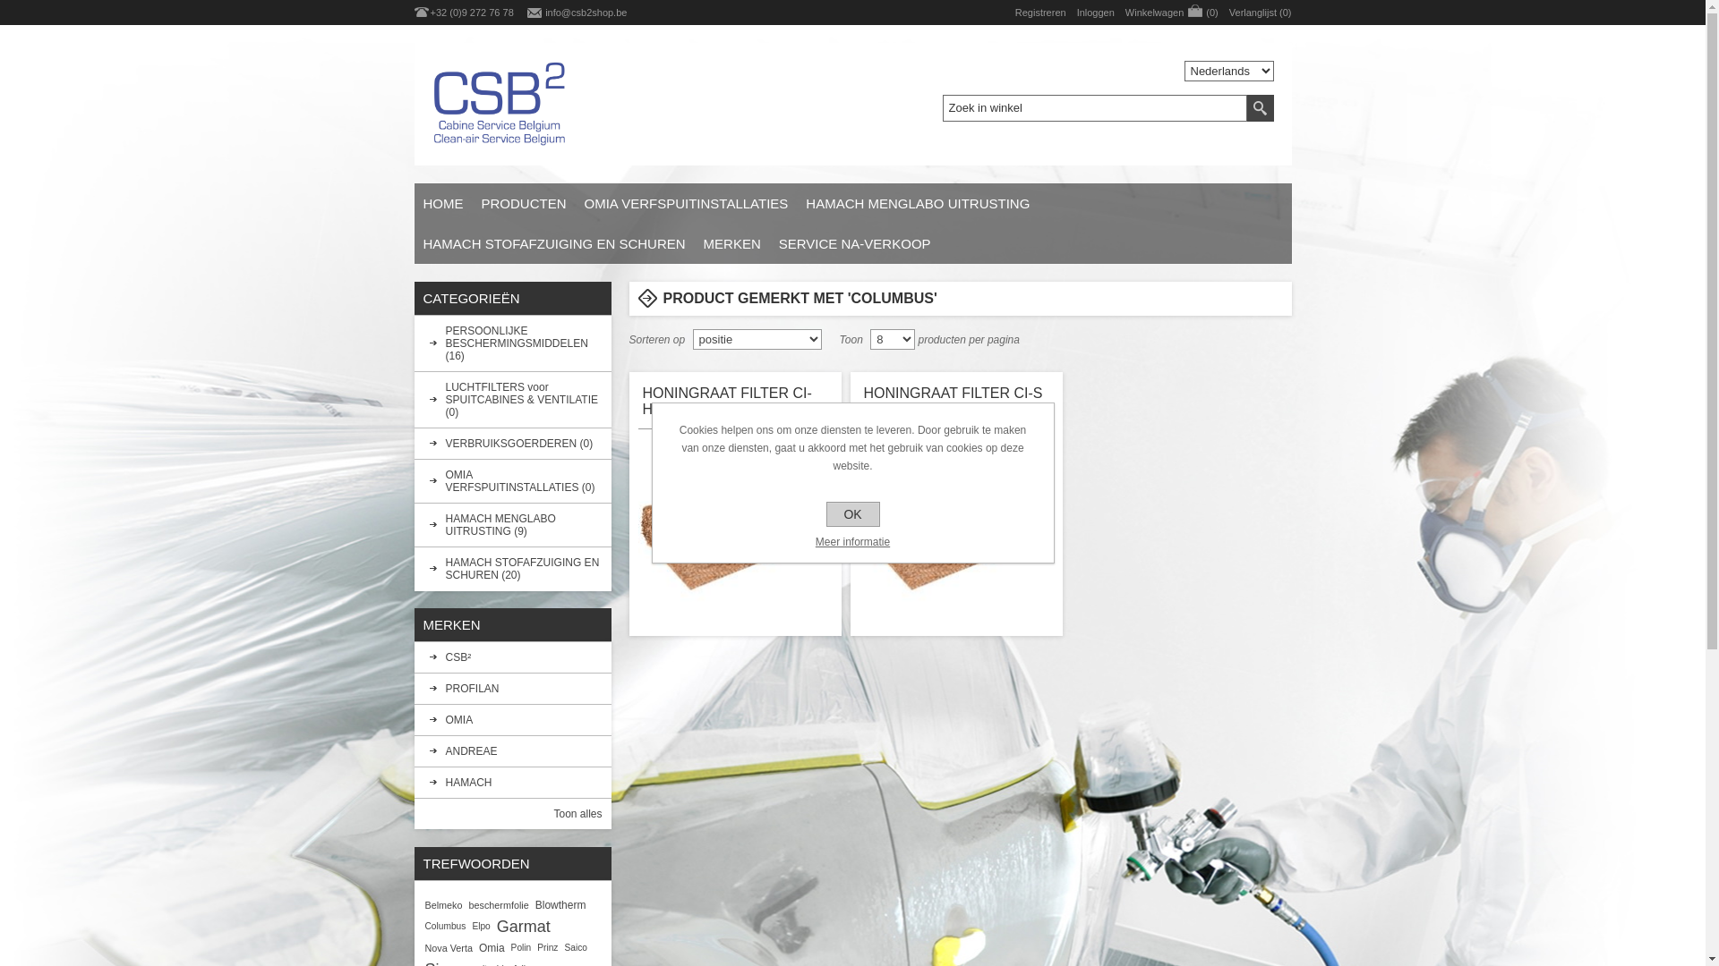 This screenshot has height=966, width=1719. I want to click on 'OK', so click(851, 513).